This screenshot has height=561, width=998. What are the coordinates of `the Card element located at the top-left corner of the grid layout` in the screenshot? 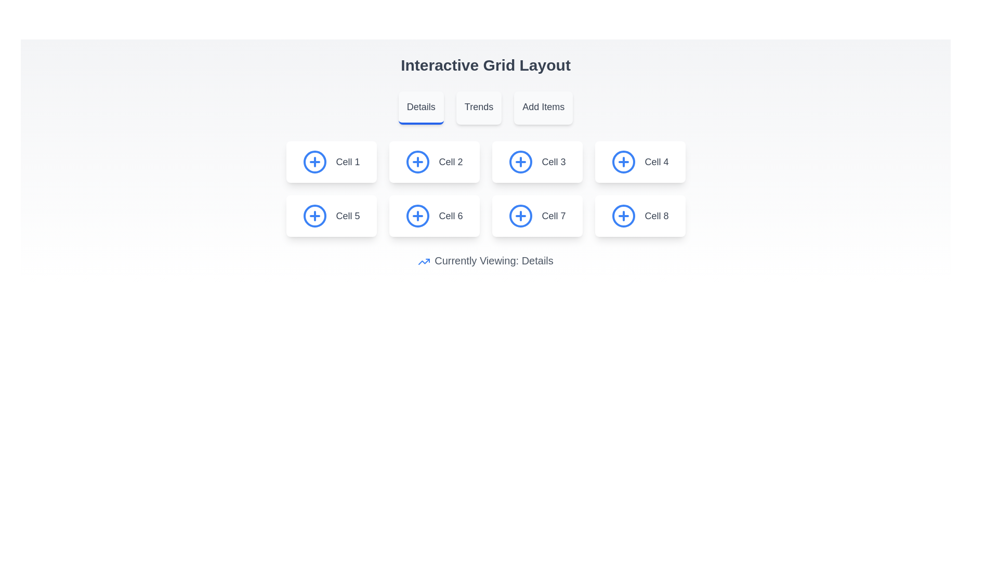 It's located at (331, 162).